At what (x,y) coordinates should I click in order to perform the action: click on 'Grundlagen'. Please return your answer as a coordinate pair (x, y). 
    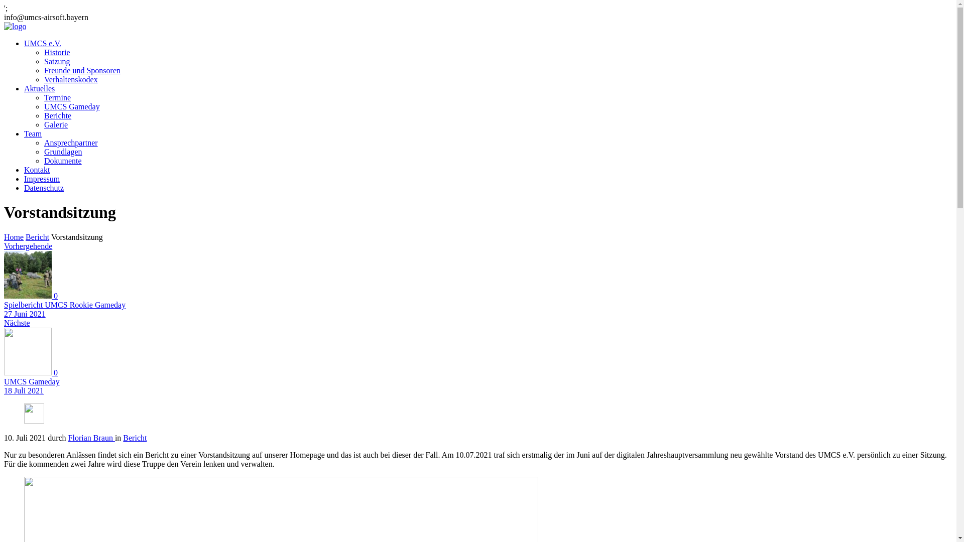
    Looking at the image, I should click on (62, 152).